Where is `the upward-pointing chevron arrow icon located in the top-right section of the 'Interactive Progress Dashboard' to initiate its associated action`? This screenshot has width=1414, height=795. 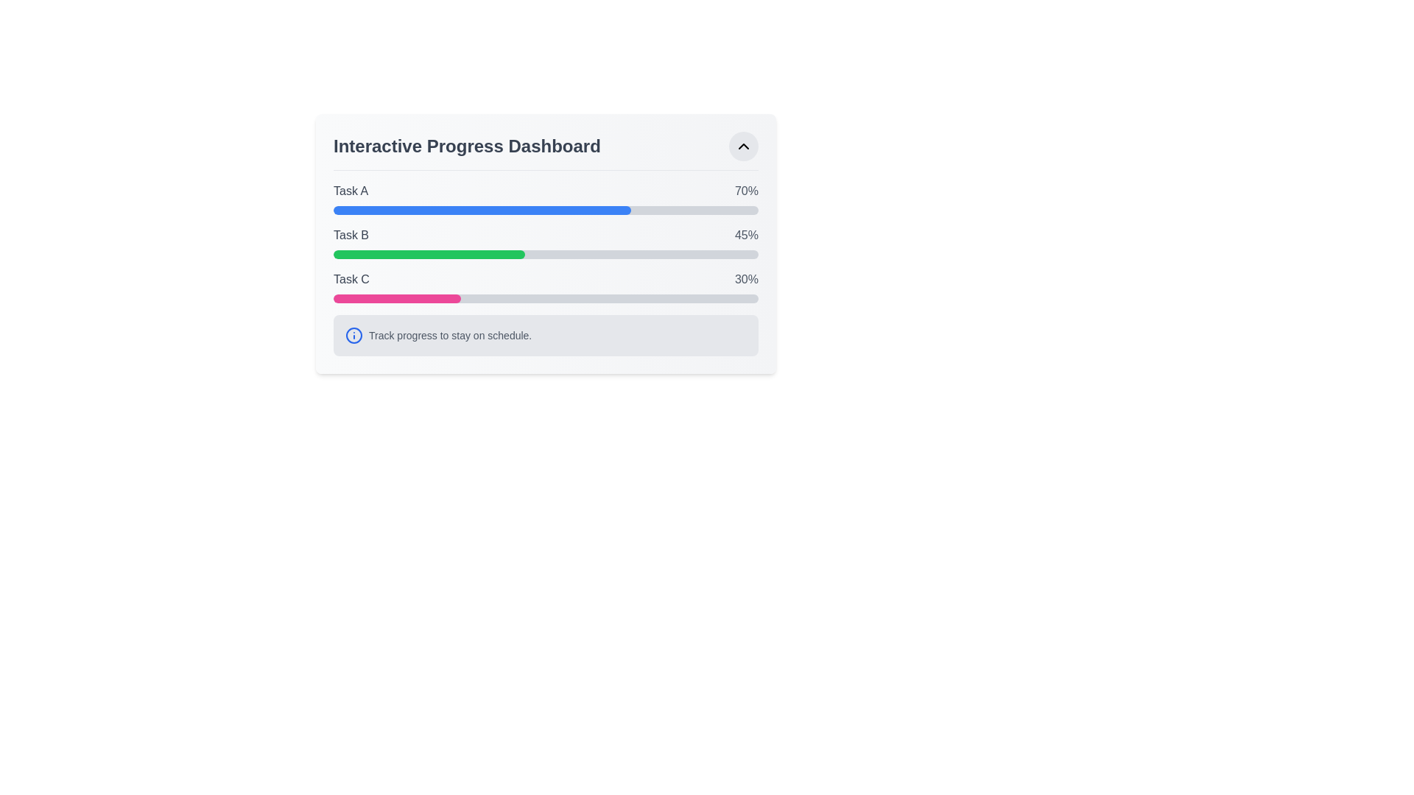
the upward-pointing chevron arrow icon located in the top-right section of the 'Interactive Progress Dashboard' to initiate its associated action is located at coordinates (743, 146).